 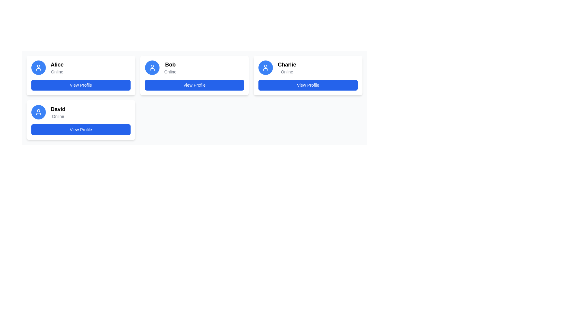 What do you see at coordinates (57, 72) in the screenshot?
I see `status information displayed in the small, gray text label showing 'Online', which is positioned directly below the 'Alice' text label in the user profile card` at bounding box center [57, 72].